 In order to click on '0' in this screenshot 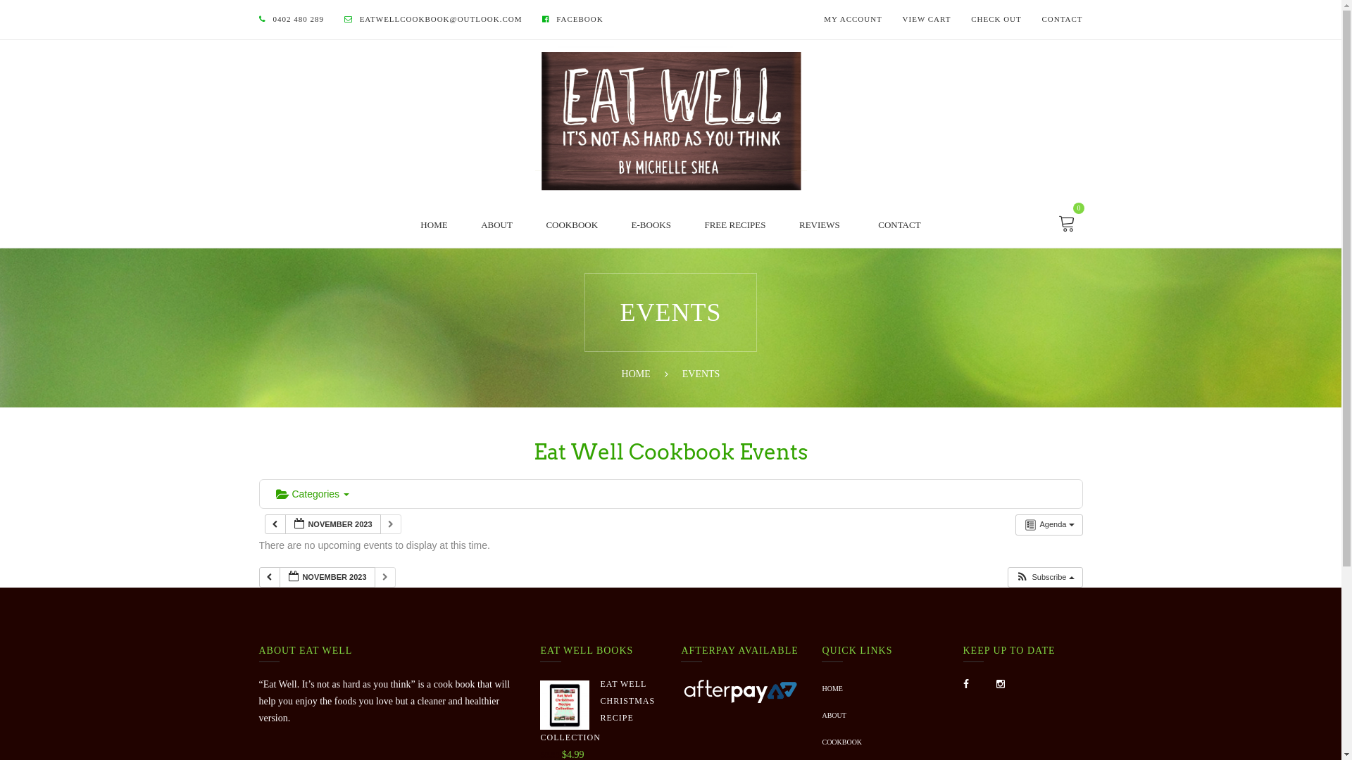, I will do `click(1067, 224)`.